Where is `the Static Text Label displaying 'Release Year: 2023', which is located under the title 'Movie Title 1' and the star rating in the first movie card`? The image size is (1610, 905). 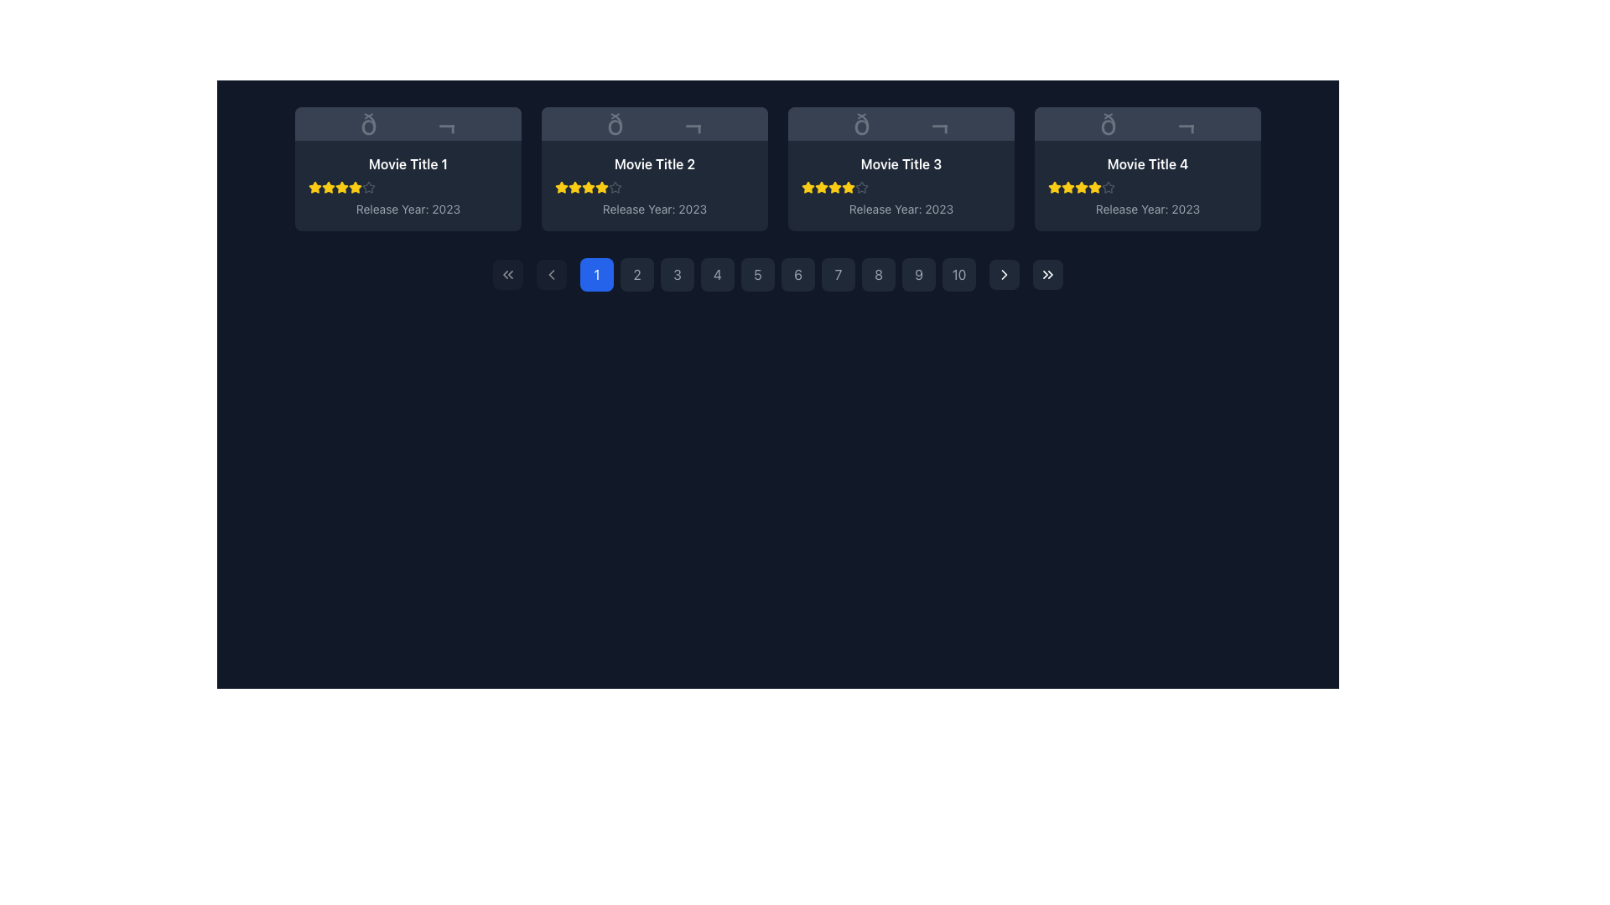 the Static Text Label displaying 'Release Year: 2023', which is located under the title 'Movie Title 1' and the star rating in the first movie card is located at coordinates (408, 209).